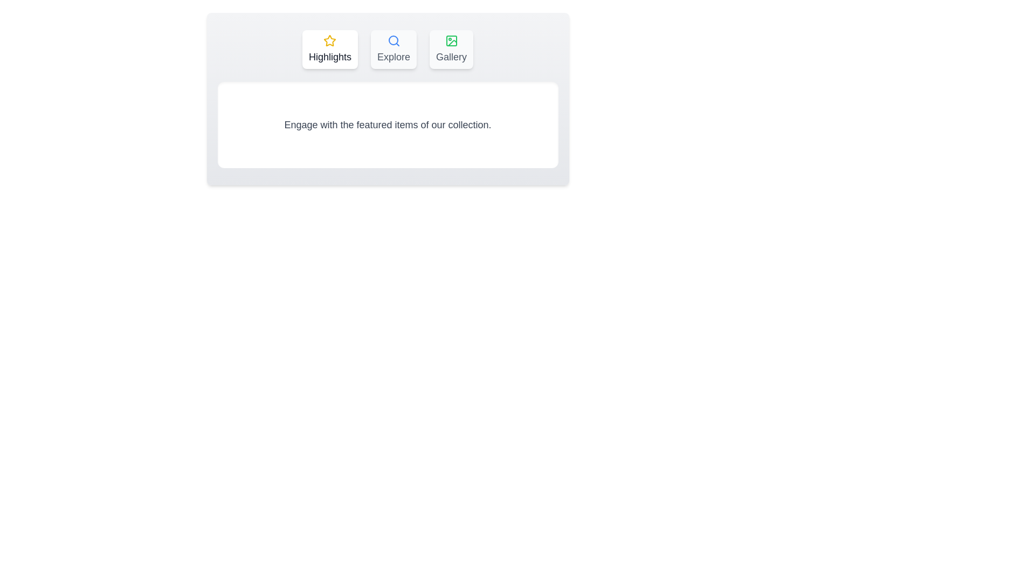 The width and height of the screenshot is (1035, 582). What do you see at coordinates (393, 50) in the screenshot?
I see `the tab labeled Explore to observe the hover animation` at bounding box center [393, 50].